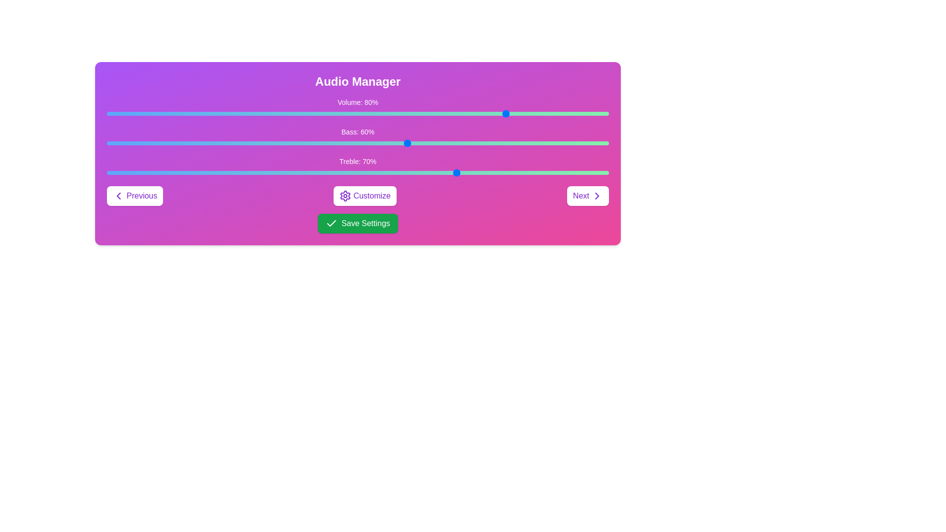 This screenshot has height=532, width=946. Describe the element at coordinates (135, 196) in the screenshot. I see `the navigation button located in the bottom-left corner of the card to go to the previous page or step` at that location.